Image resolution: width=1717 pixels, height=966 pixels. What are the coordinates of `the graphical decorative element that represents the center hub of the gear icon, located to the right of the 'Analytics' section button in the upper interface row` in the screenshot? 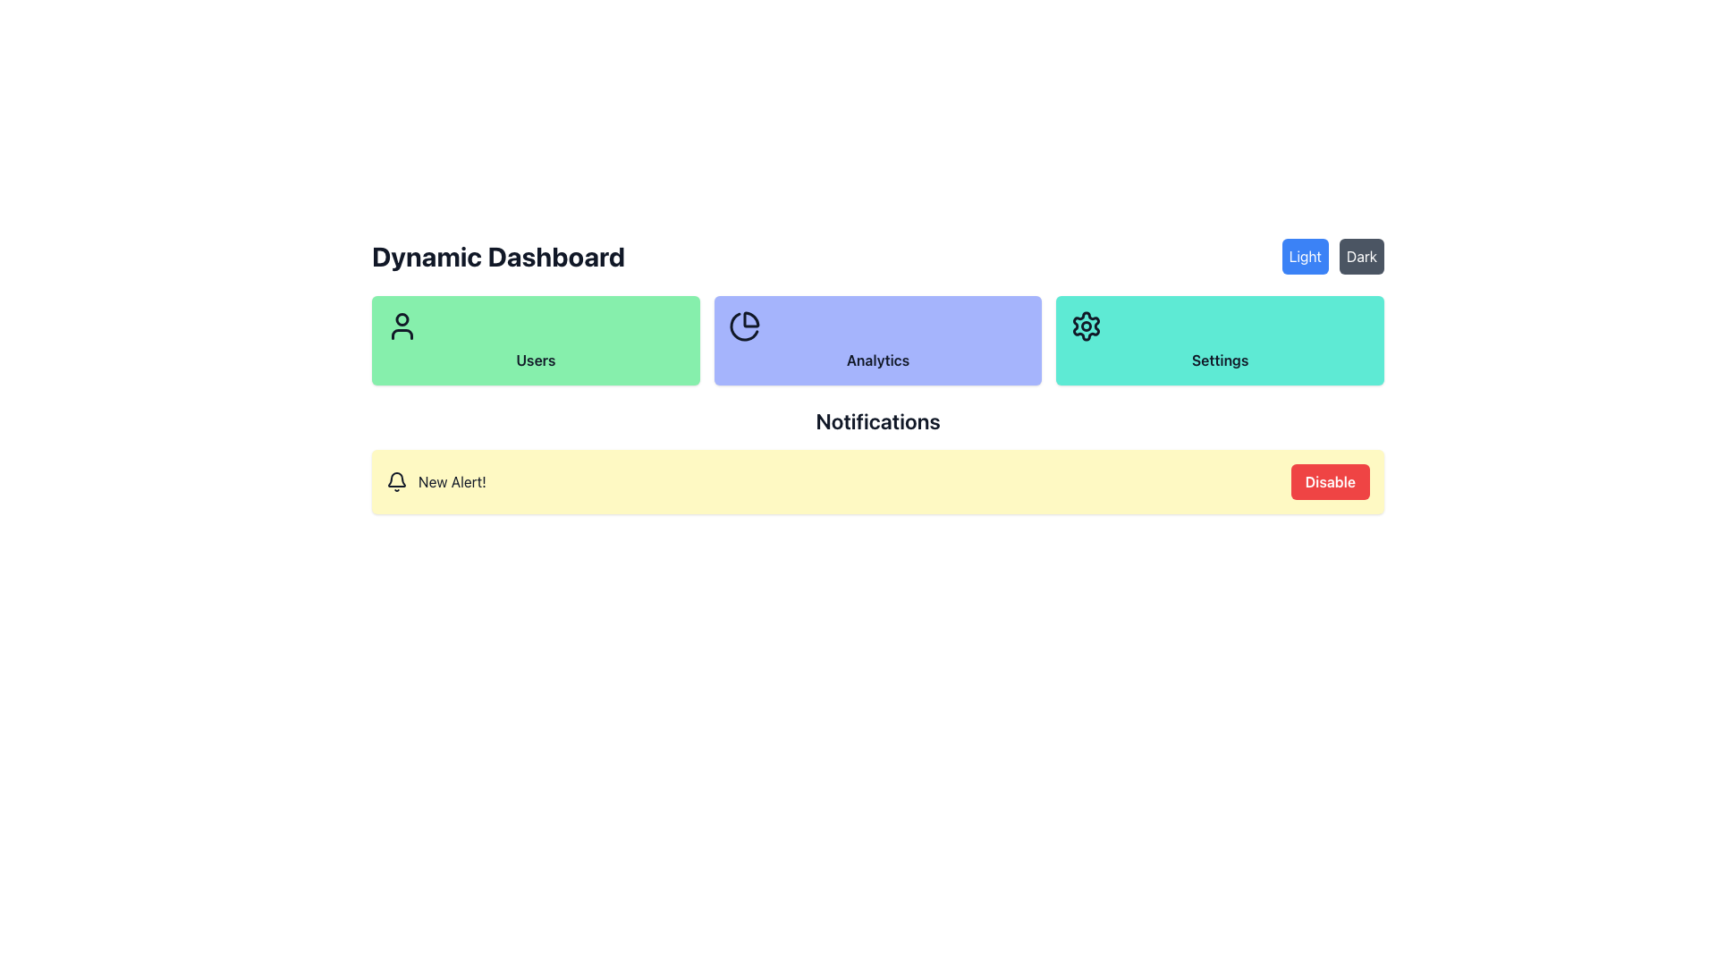 It's located at (1086, 326).